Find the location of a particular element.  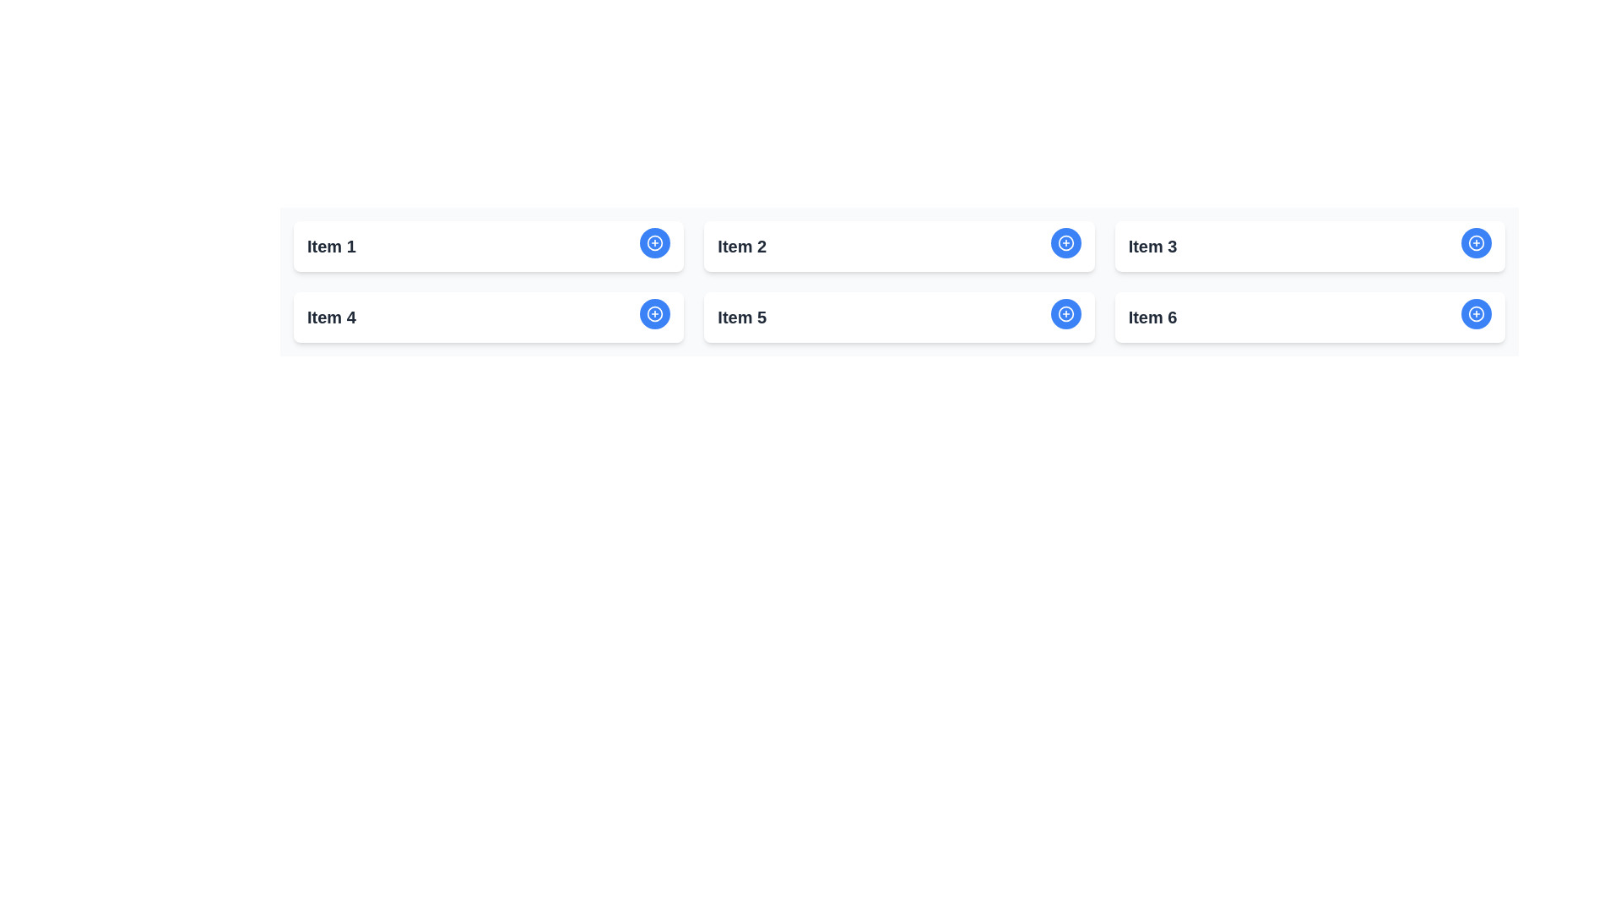

the icon located on the far right of the row of circular icons associated with 'Item 4' is located at coordinates (654, 313).